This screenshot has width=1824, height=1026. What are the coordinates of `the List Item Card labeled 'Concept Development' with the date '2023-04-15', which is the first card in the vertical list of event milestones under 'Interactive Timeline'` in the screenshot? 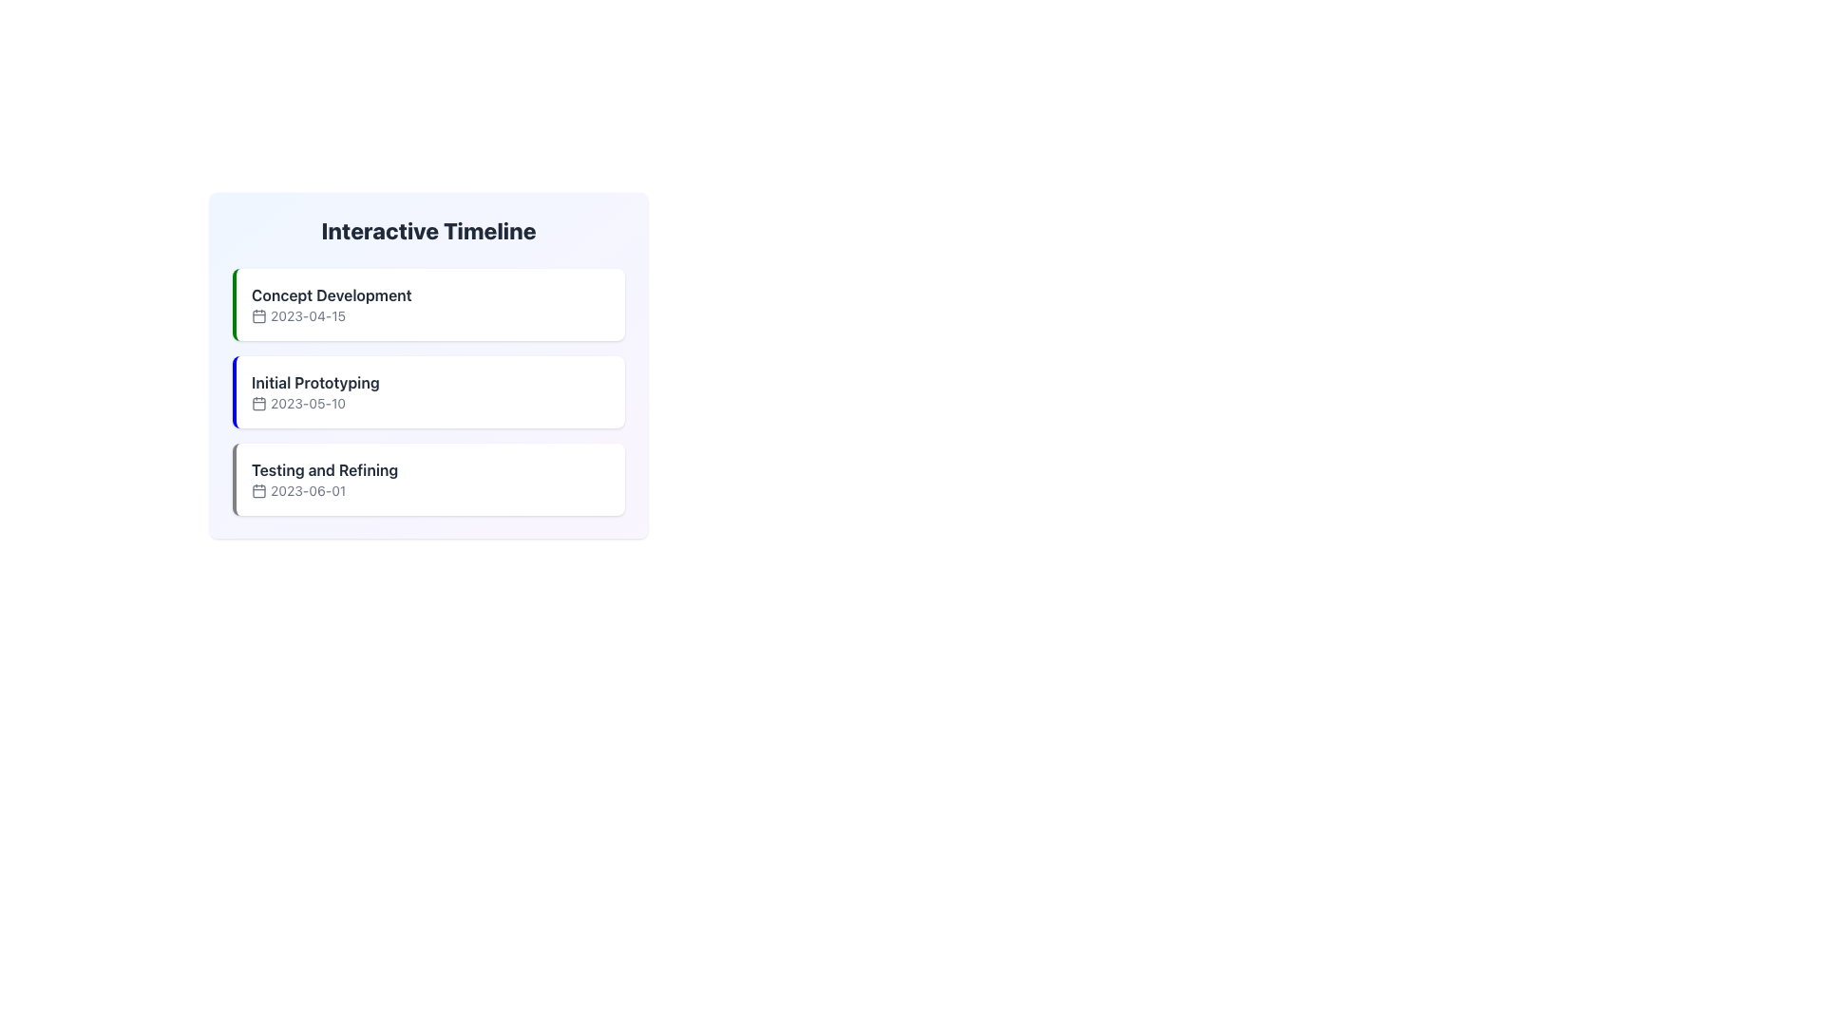 It's located at (427, 303).